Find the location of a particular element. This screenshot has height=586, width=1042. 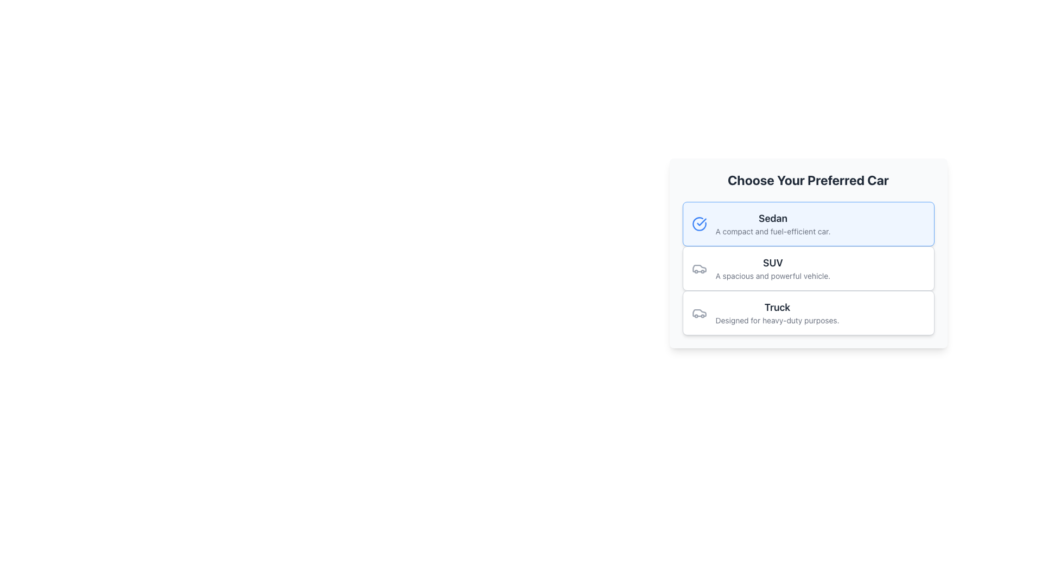

the 'Truck' selection card, which is the third item in the vertically stacked collection of cards under the 'Choose Your Preferred Car' section is located at coordinates (808, 313).